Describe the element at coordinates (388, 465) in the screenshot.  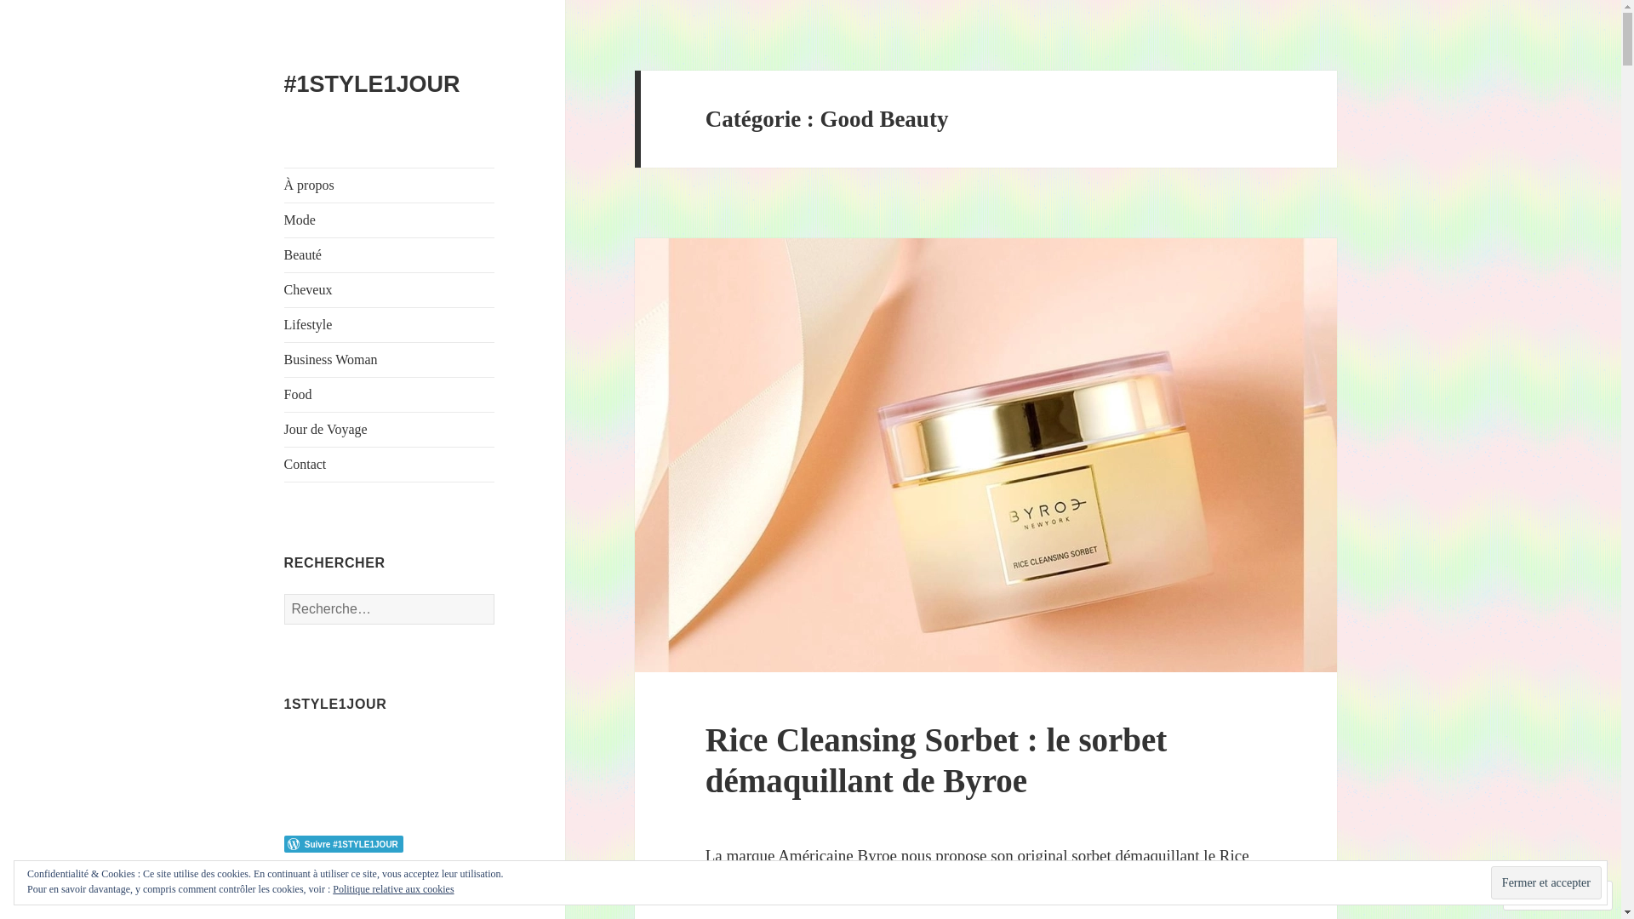
I see `'Contact'` at that location.